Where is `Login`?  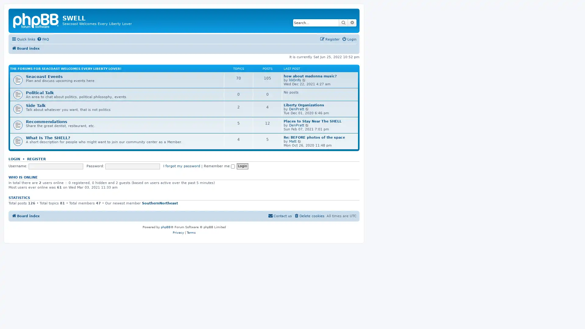 Login is located at coordinates (242, 166).